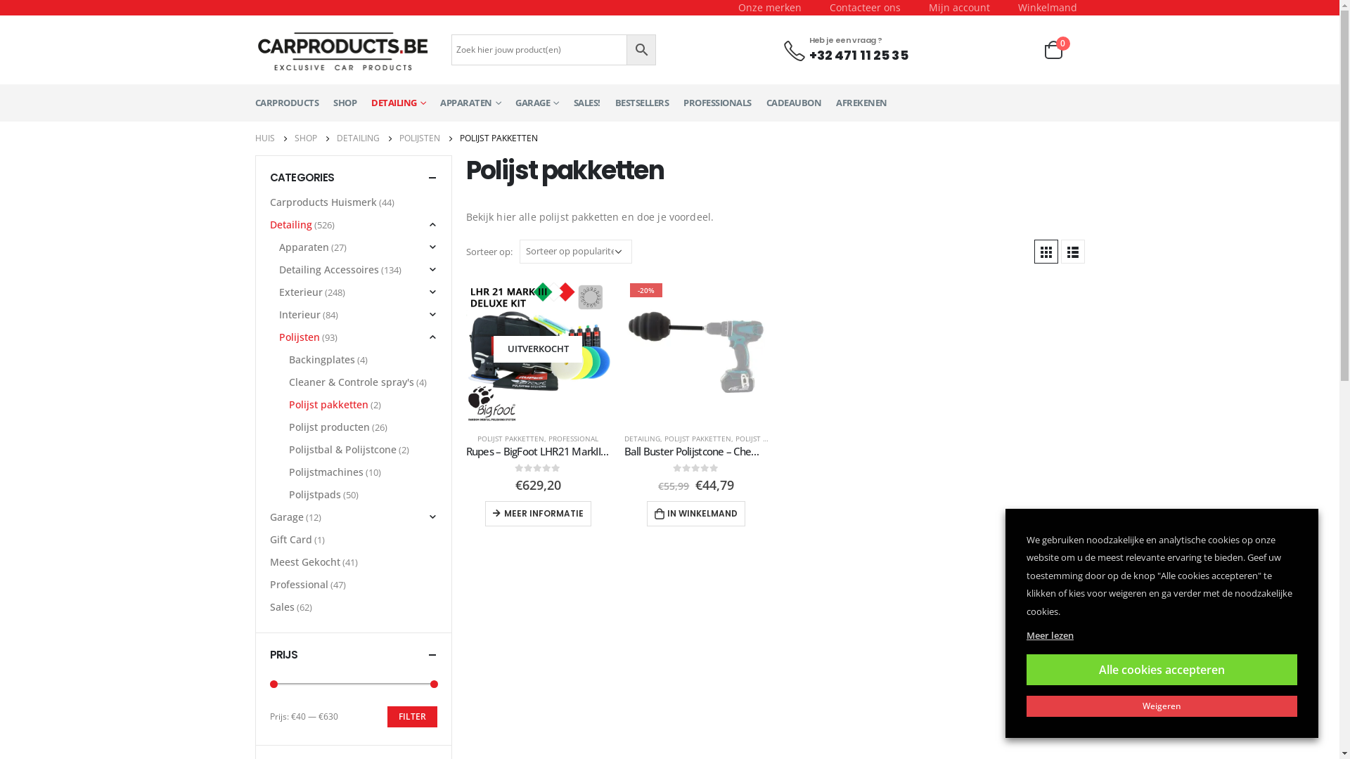 The width and height of the screenshot is (1350, 759). Describe the element at coordinates (326, 472) in the screenshot. I see `'Polijstmachines'` at that location.